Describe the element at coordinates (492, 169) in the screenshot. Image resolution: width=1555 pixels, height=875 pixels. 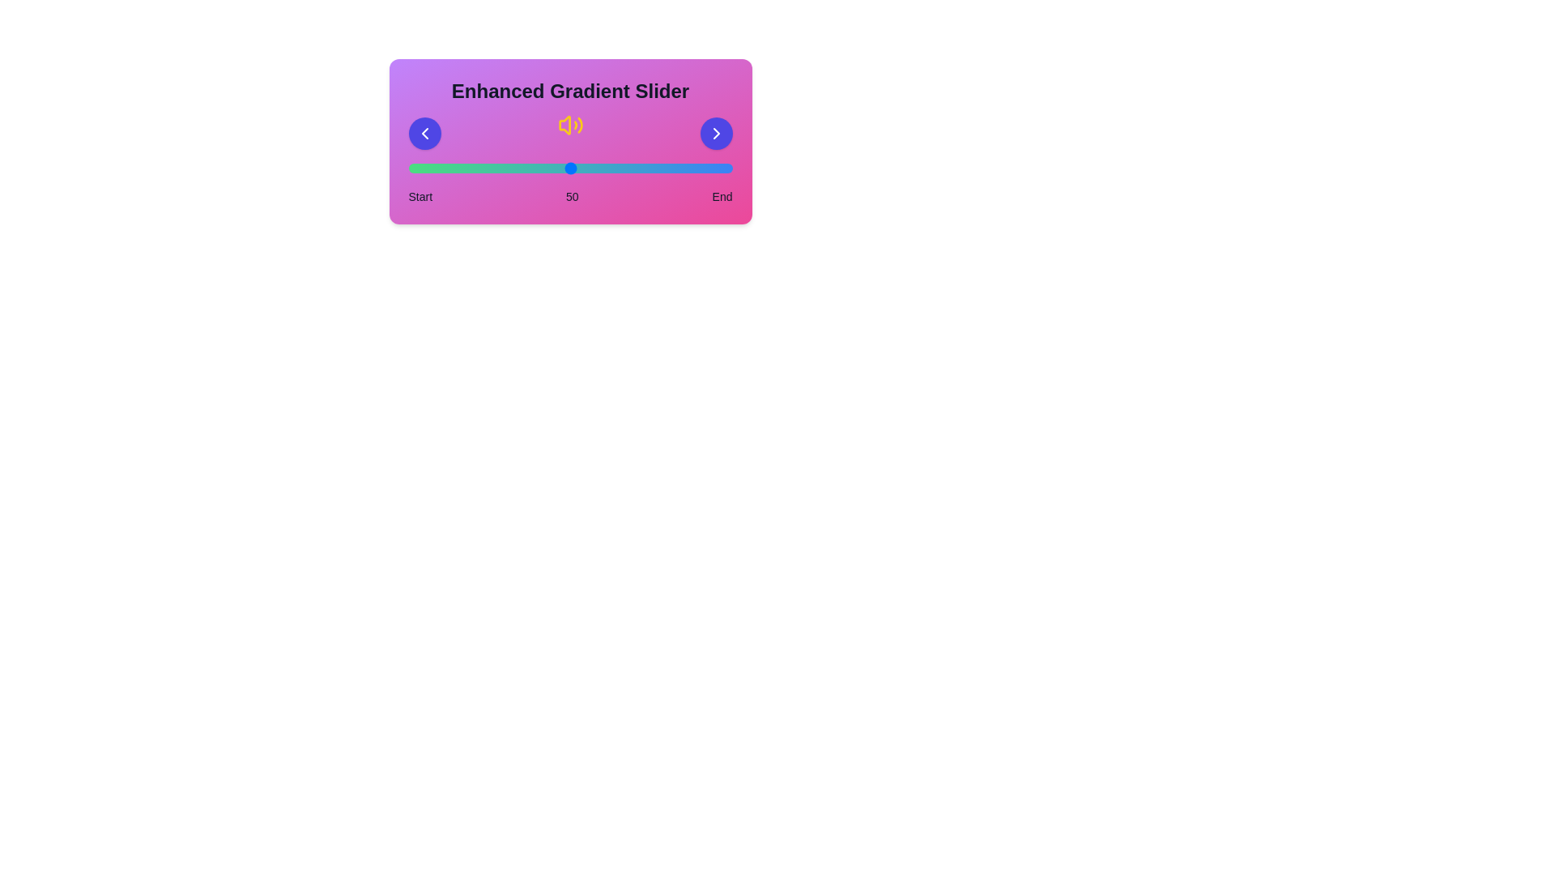
I see `the slider to set the value to 26` at that location.